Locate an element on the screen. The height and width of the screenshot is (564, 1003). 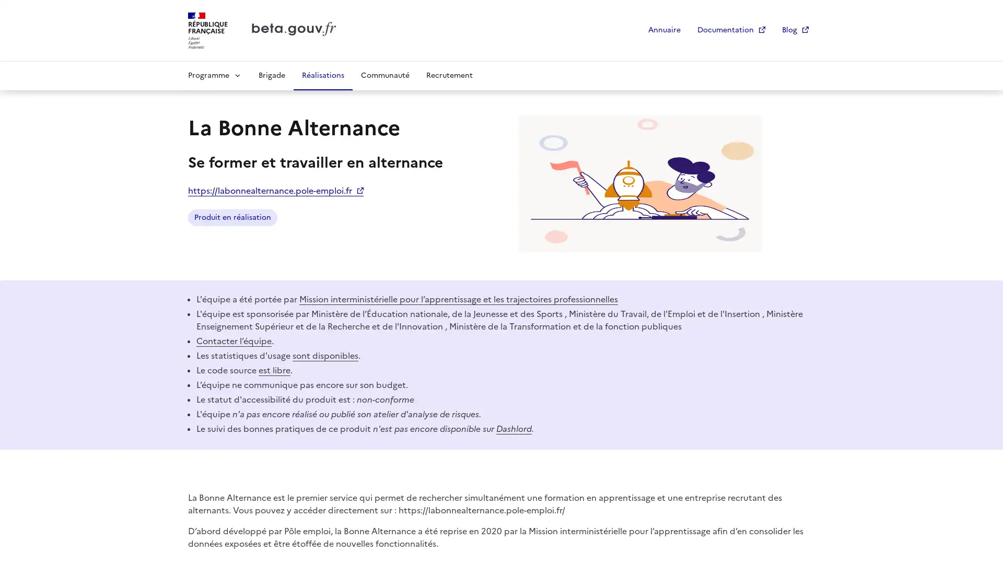
Programme is located at coordinates (214, 74).